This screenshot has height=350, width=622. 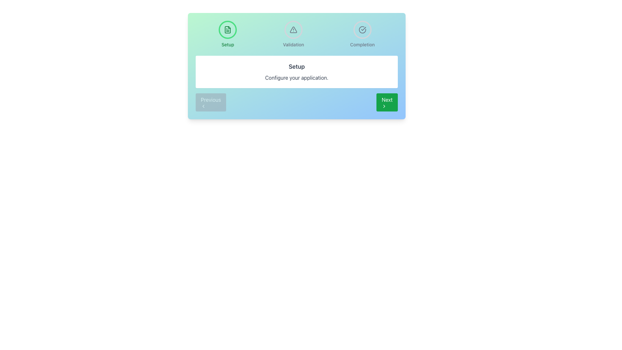 What do you see at coordinates (293, 44) in the screenshot?
I see `the 'Validation' text label, which is centrally positioned between the 'Setup' and 'Completion' steps on the multi-step interface, indicating the current process stage` at bounding box center [293, 44].